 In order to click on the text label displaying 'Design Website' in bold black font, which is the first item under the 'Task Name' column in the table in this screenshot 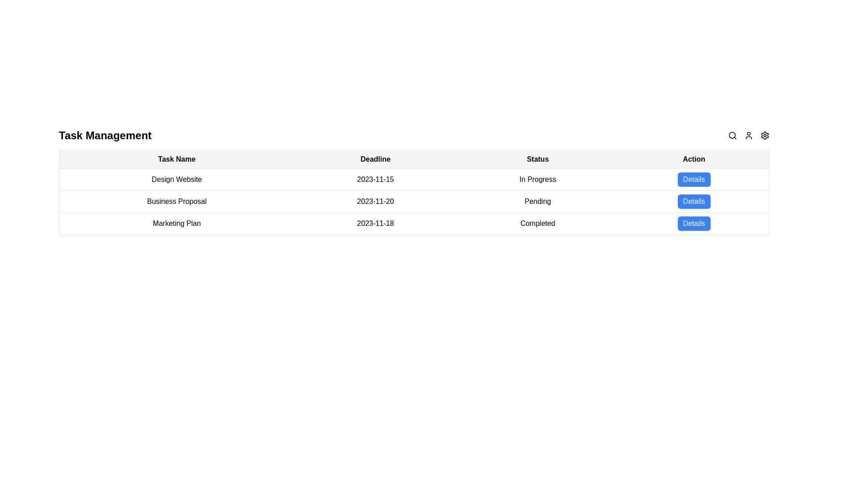, I will do `click(177, 180)`.